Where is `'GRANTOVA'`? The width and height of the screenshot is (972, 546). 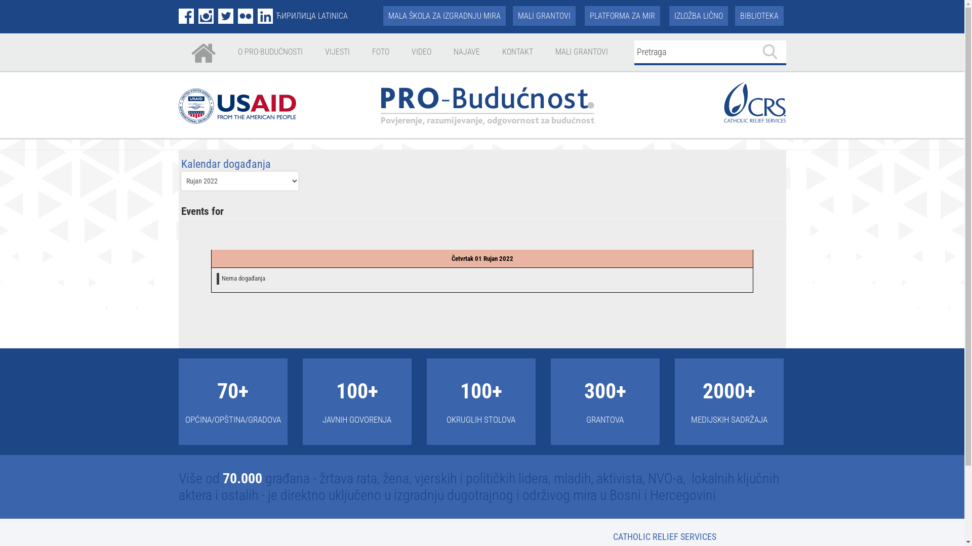
'GRANTOVA' is located at coordinates (605, 419).